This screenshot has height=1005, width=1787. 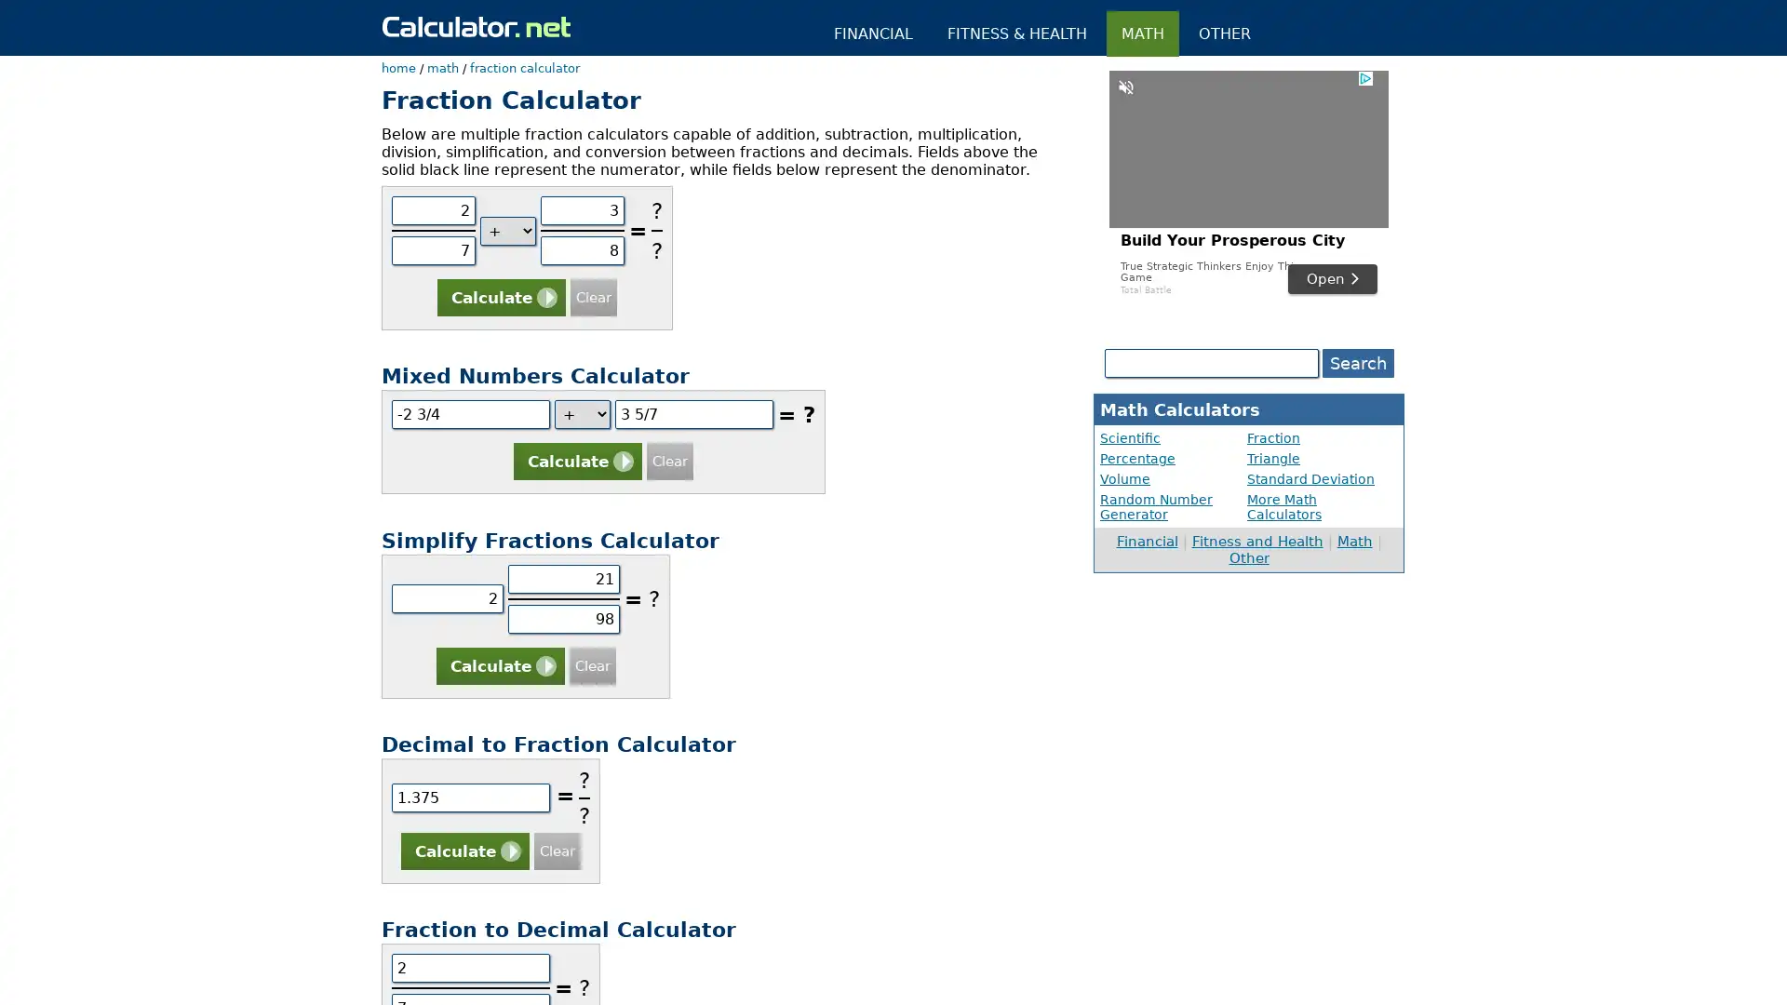 What do you see at coordinates (576, 461) in the screenshot?
I see `Calculate` at bounding box center [576, 461].